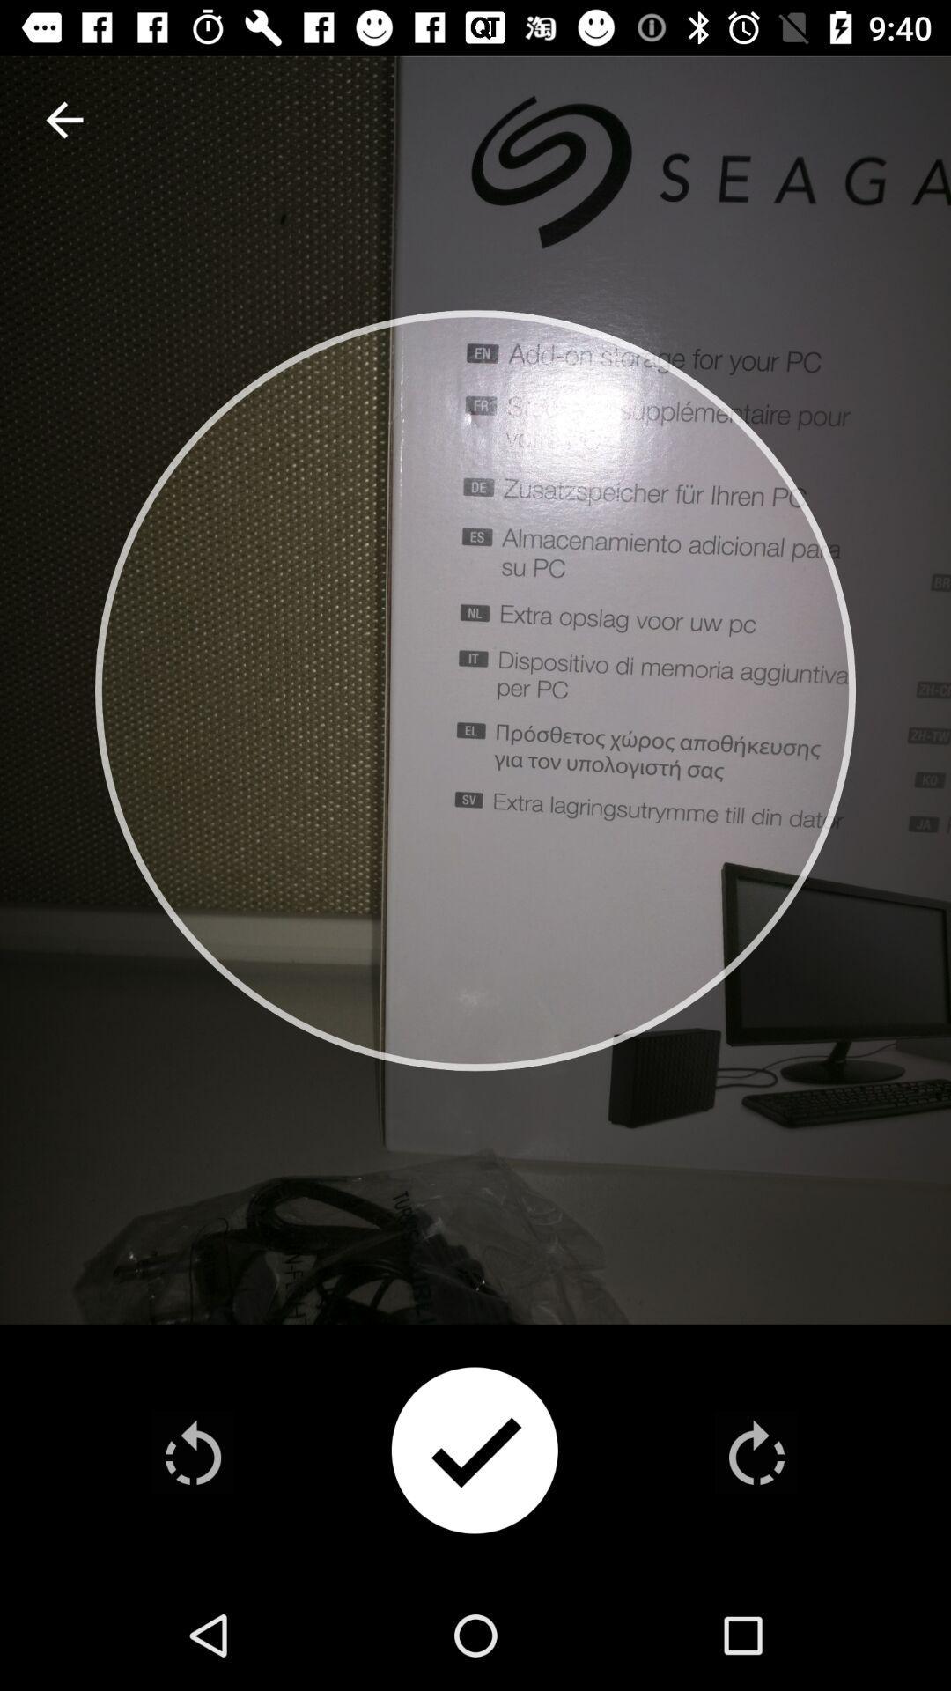  I want to click on rotate picture clockwise, so click(756, 1452).